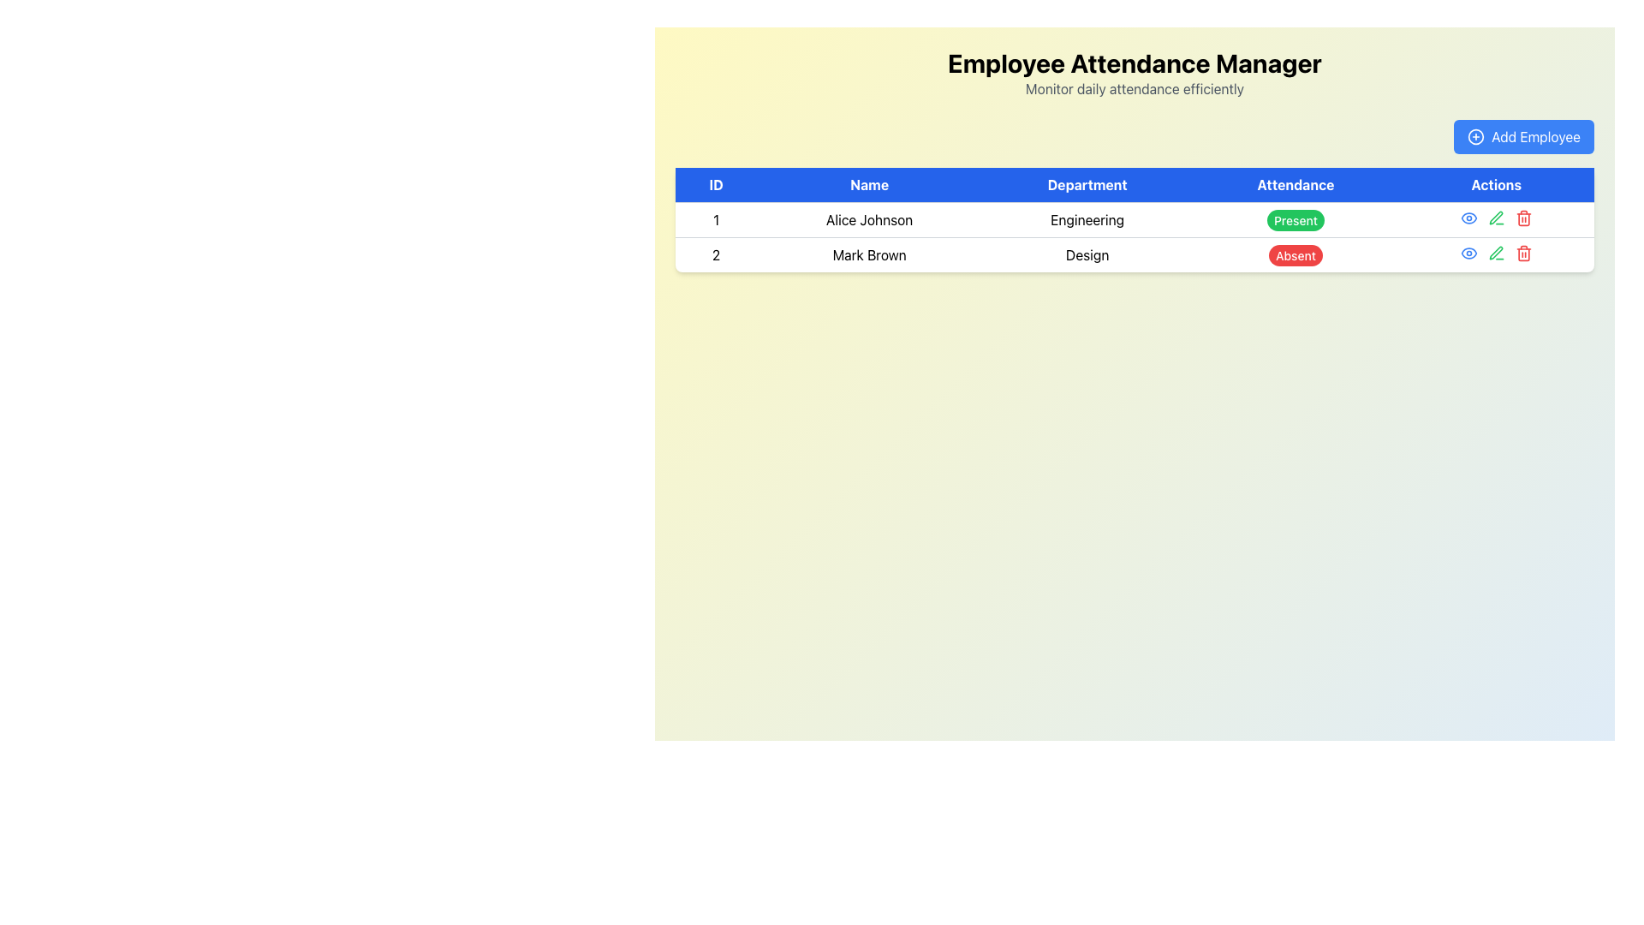 Image resolution: width=1644 pixels, height=925 pixels. What do you see at coordinates (1135, 89) in the screenshot?
I see `text element that displays 'Monitor daily attendance efficiently', which is styled in gray and positioned below the 'Employee Attendance Manager' title` at bounding box center [1135, 89].